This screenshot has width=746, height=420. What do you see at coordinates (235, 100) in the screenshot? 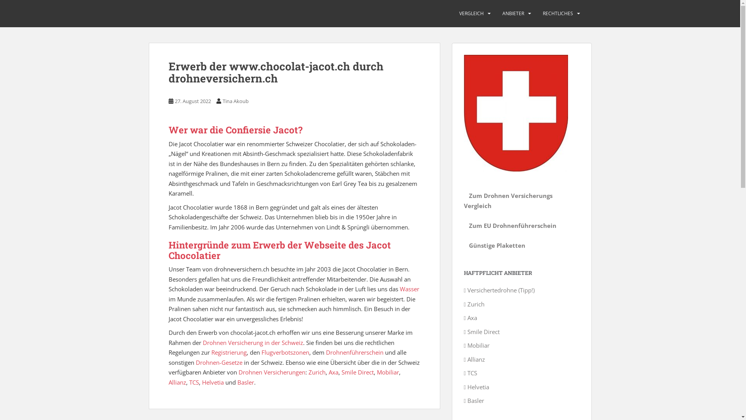
I see `'Tina Akoub'` at bounding box center [235, 100].